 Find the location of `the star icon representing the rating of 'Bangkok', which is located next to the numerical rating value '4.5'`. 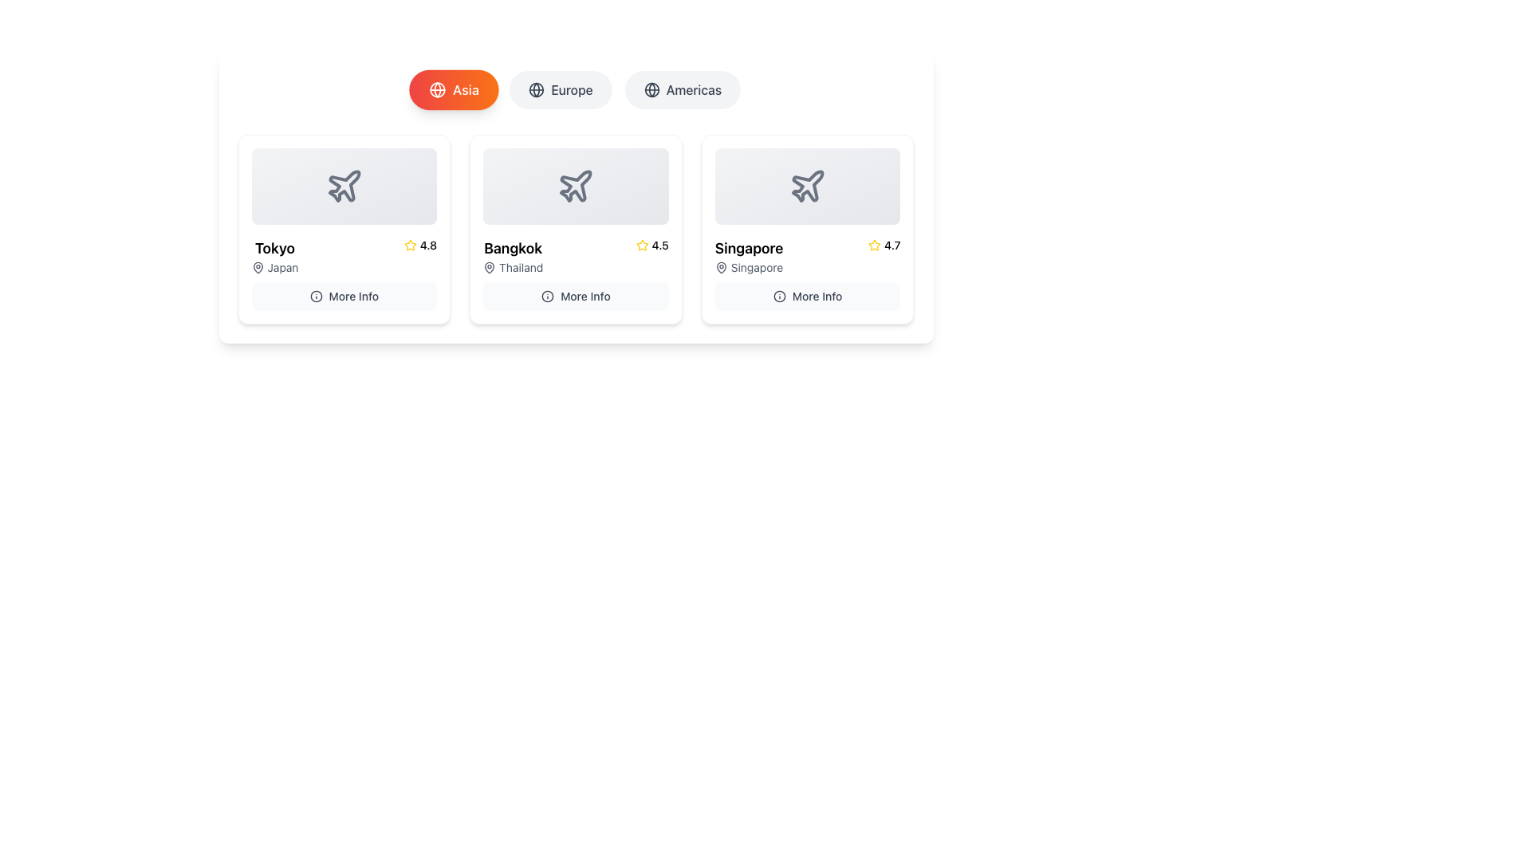

the star icon representing the rating of 'Bangkok', which is located next to the numerical rating value '4.5' is located at coordinates (642, 245).